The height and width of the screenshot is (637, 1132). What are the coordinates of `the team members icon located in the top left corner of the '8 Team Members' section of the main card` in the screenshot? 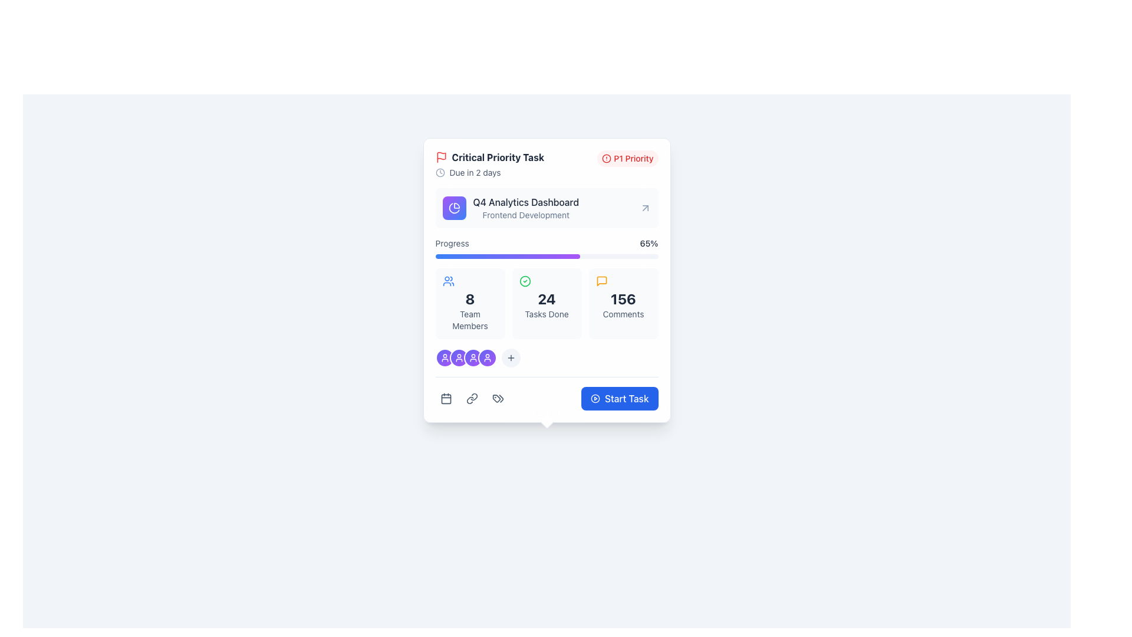 It's located at (447, 281).